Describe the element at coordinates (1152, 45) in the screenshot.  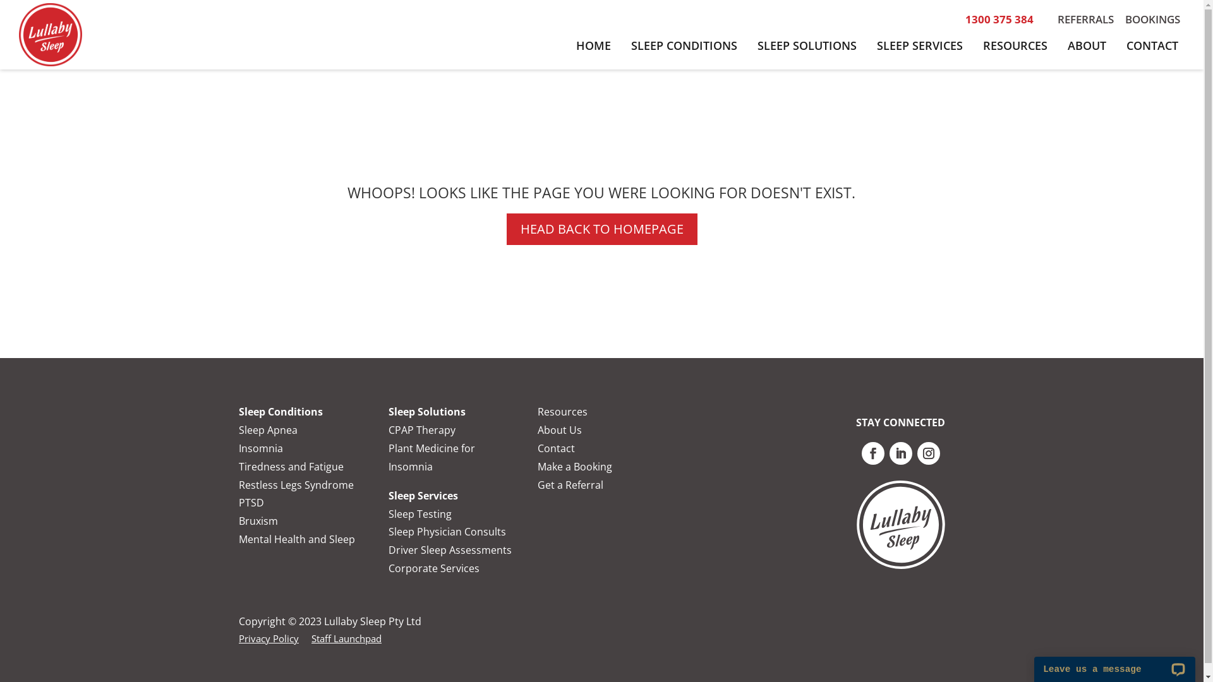
I see `'CONTACT'` at that location.